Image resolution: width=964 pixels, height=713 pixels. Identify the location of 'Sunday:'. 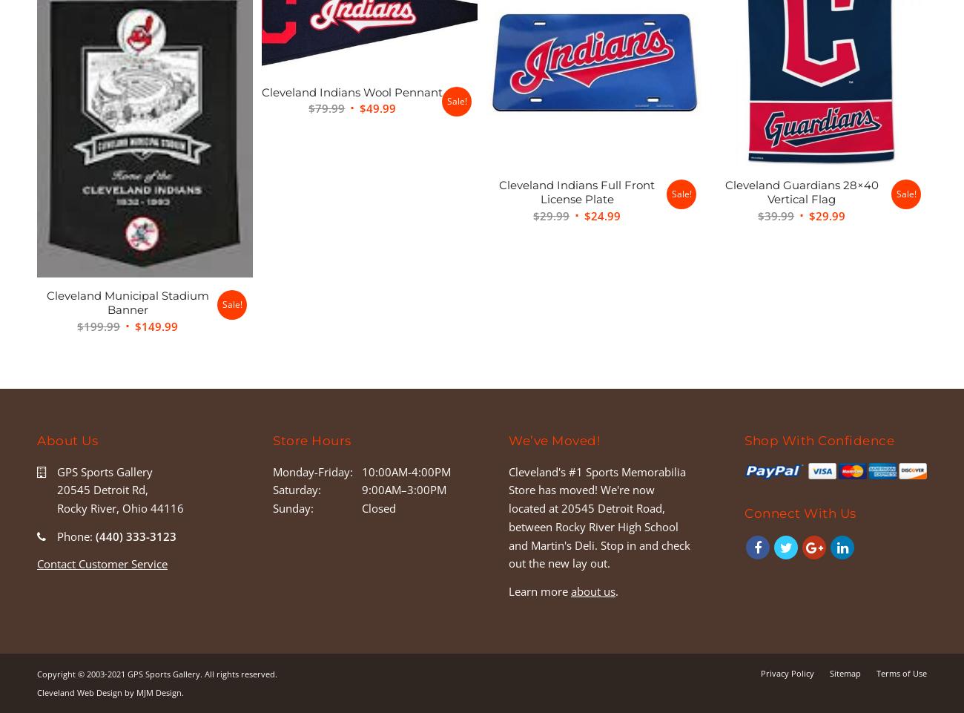
(293, 507).